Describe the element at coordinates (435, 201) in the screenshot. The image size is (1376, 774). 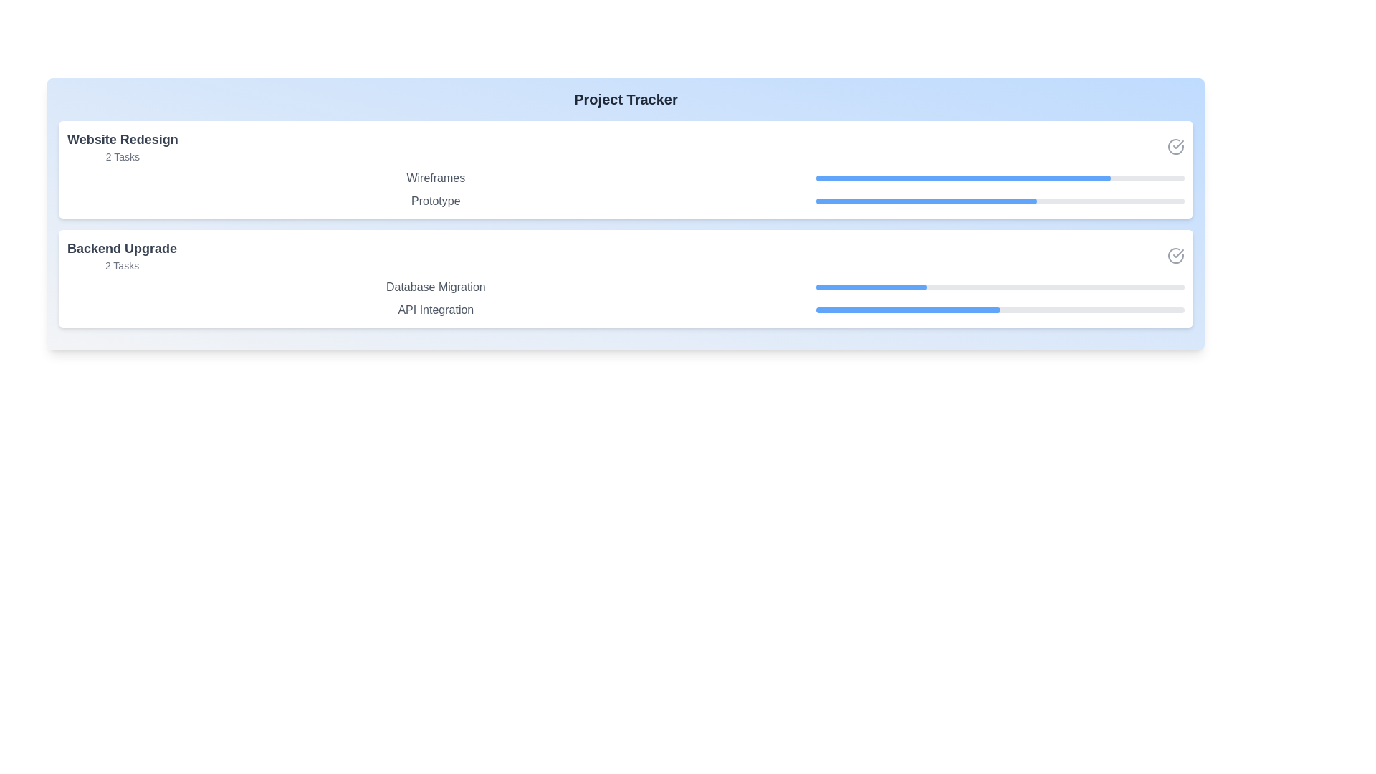
I see `text label displaying 'Prototype' which is styled in medium gray color as part of the project progress interface` at that location.